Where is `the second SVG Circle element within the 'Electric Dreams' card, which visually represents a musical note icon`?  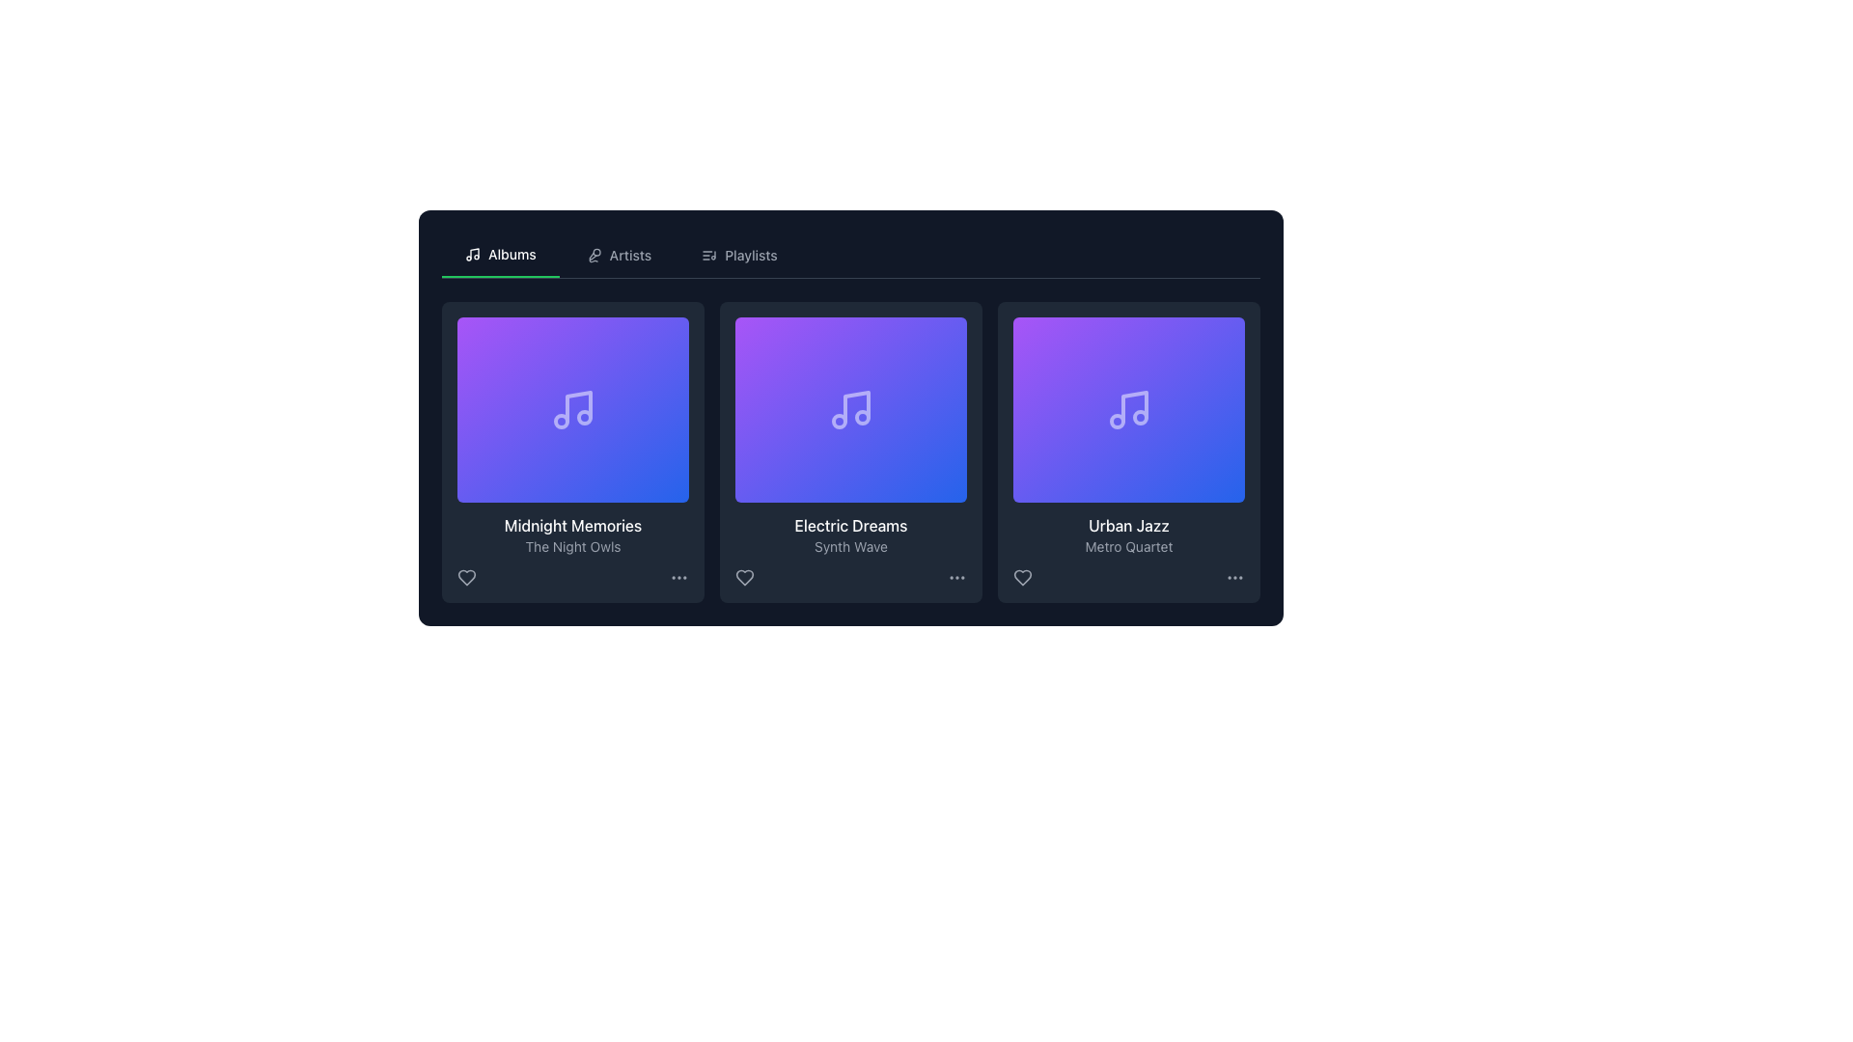
the second SVG Circle element within the 'Electric Dreams' card, which visually represents a musical note icon is located at coordinates (861, 416).